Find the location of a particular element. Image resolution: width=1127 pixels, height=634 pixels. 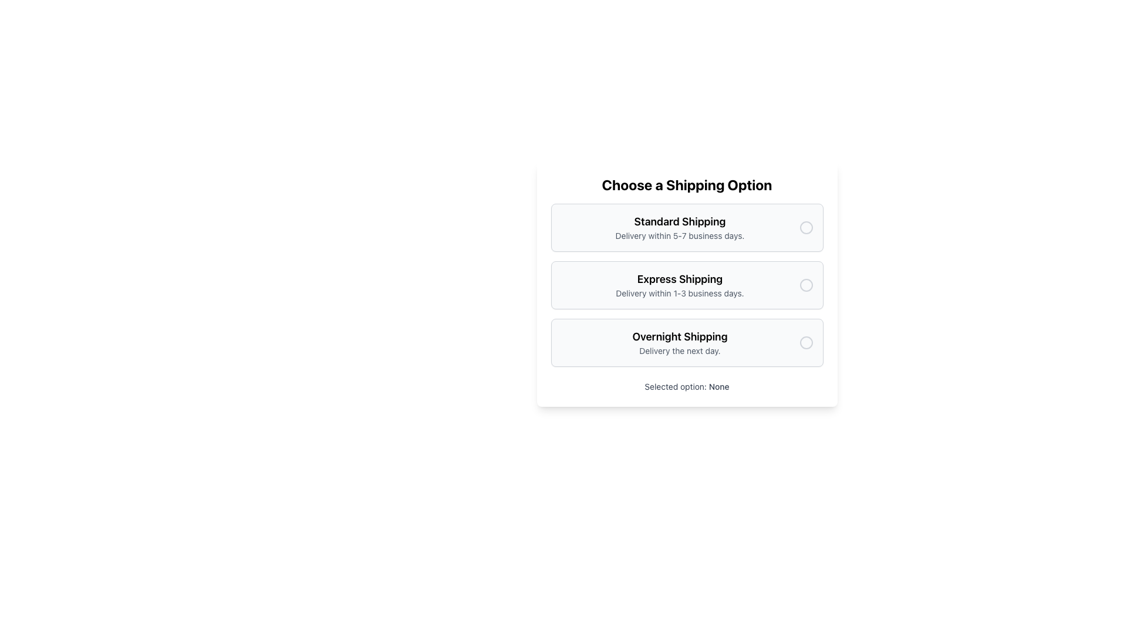

the 'Standard Shipping' radio button using keyboard navigation is located at coordinates (687, 228).